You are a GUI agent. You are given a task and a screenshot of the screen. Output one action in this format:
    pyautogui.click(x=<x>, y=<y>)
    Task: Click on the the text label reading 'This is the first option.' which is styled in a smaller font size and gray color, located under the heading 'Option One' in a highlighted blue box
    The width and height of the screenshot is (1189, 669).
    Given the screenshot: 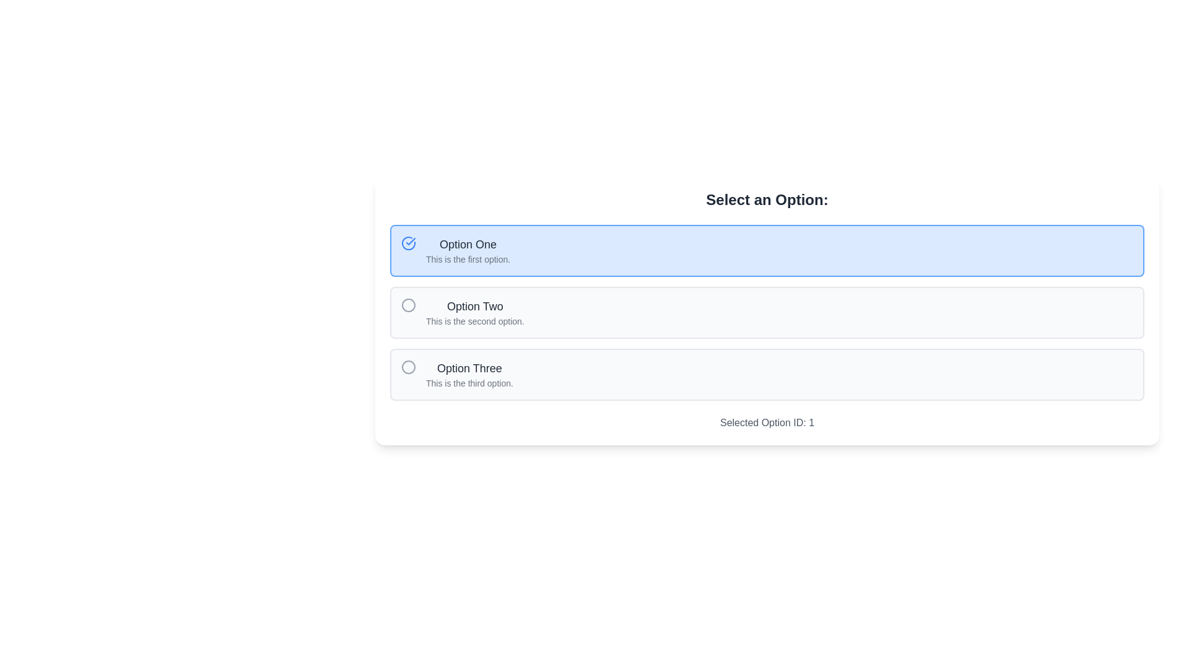 What is the action you would take?
    pyautogui.click(x=468, y=259)
    